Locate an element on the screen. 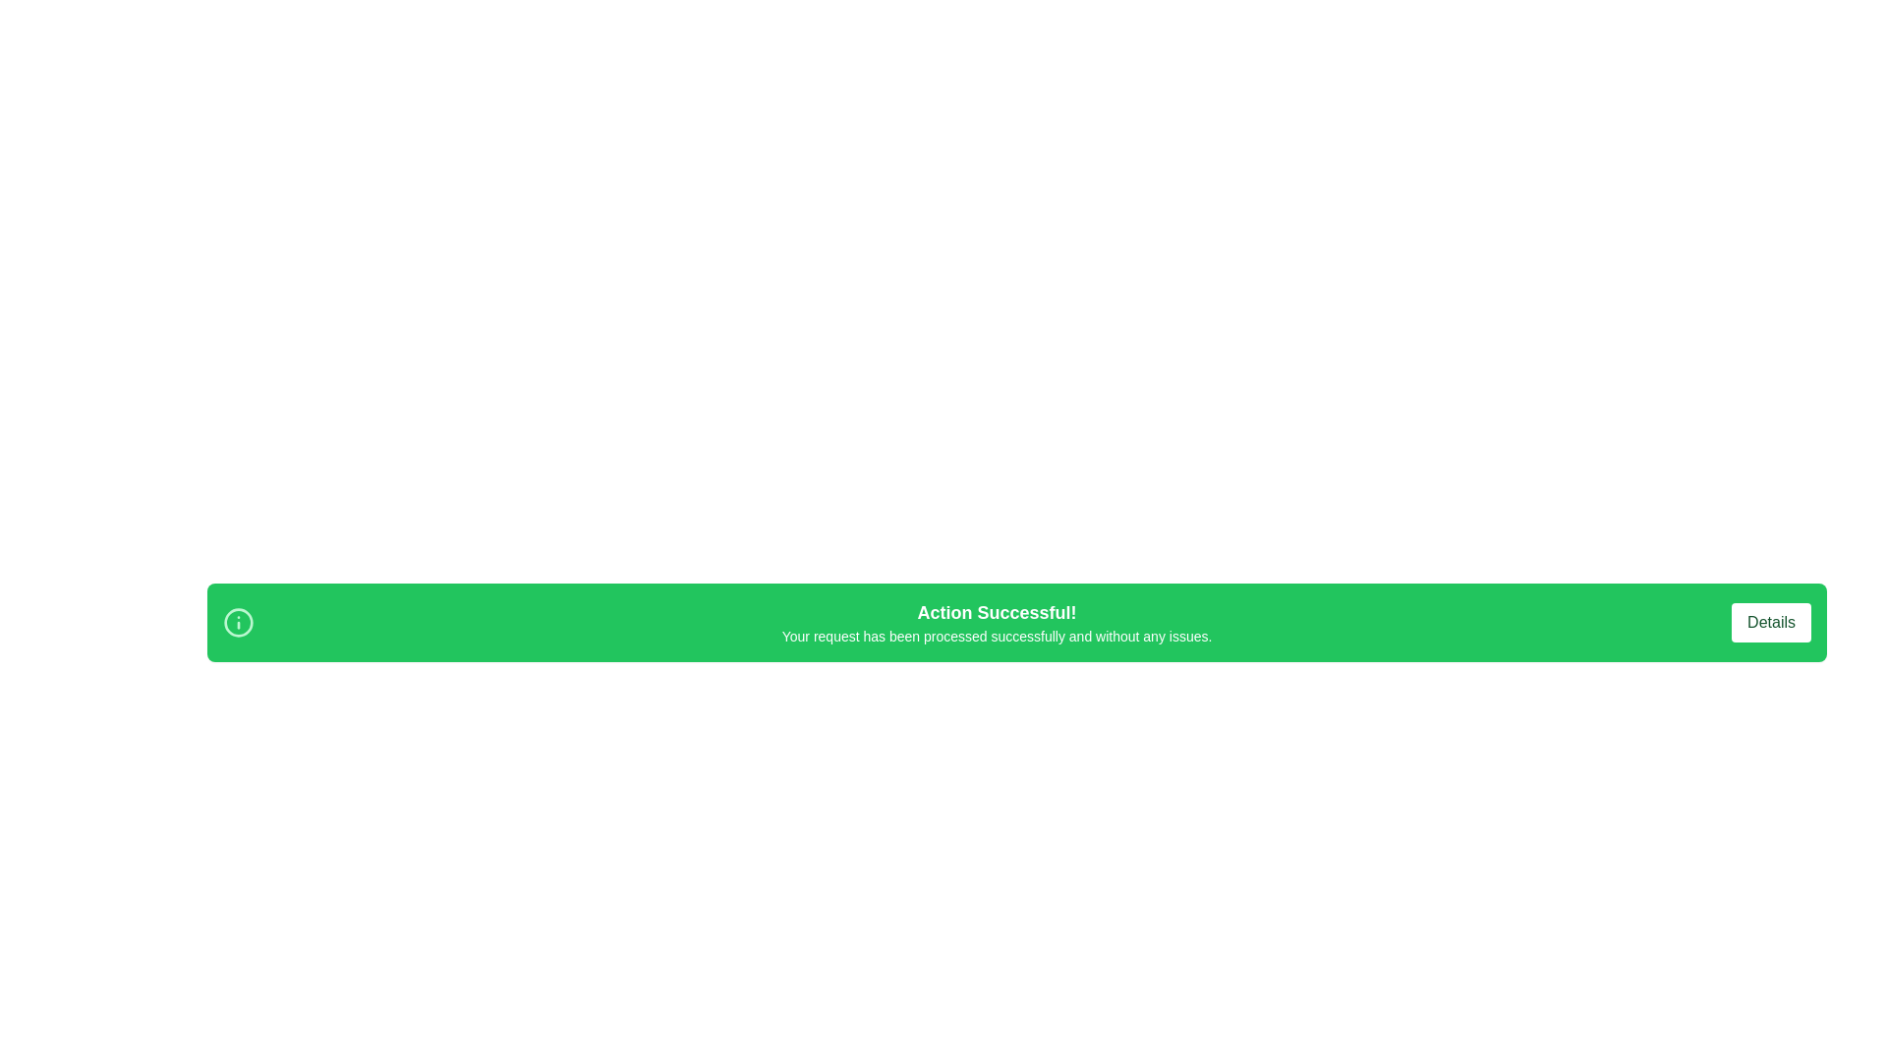 This screenshot has width=1887, height=1061. the 'Details' button to trigger its hover effect is located at coordinates (1771, 622).